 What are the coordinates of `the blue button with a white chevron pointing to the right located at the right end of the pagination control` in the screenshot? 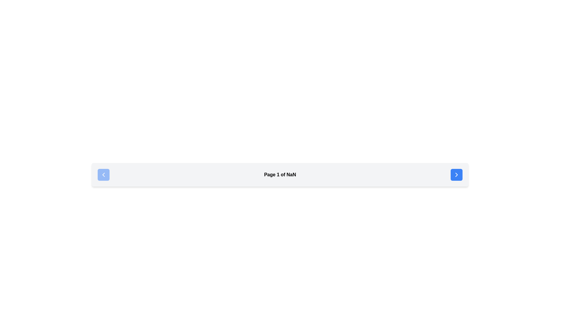 It's located at (456, 175).